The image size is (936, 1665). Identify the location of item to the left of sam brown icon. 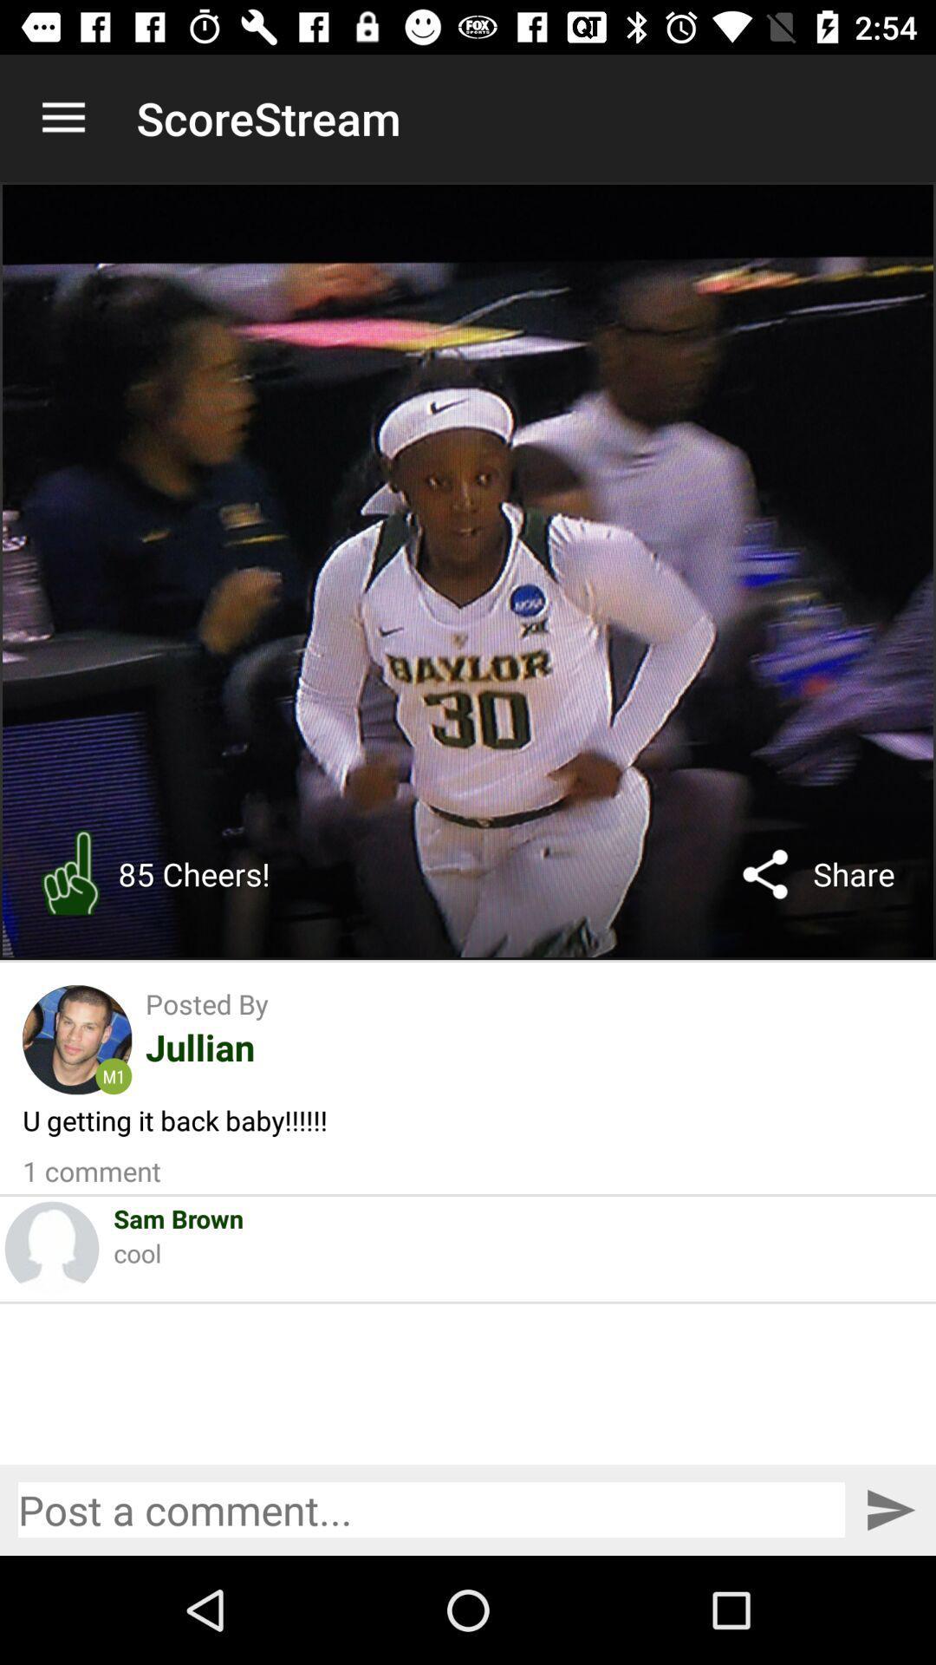
(51, 1249).